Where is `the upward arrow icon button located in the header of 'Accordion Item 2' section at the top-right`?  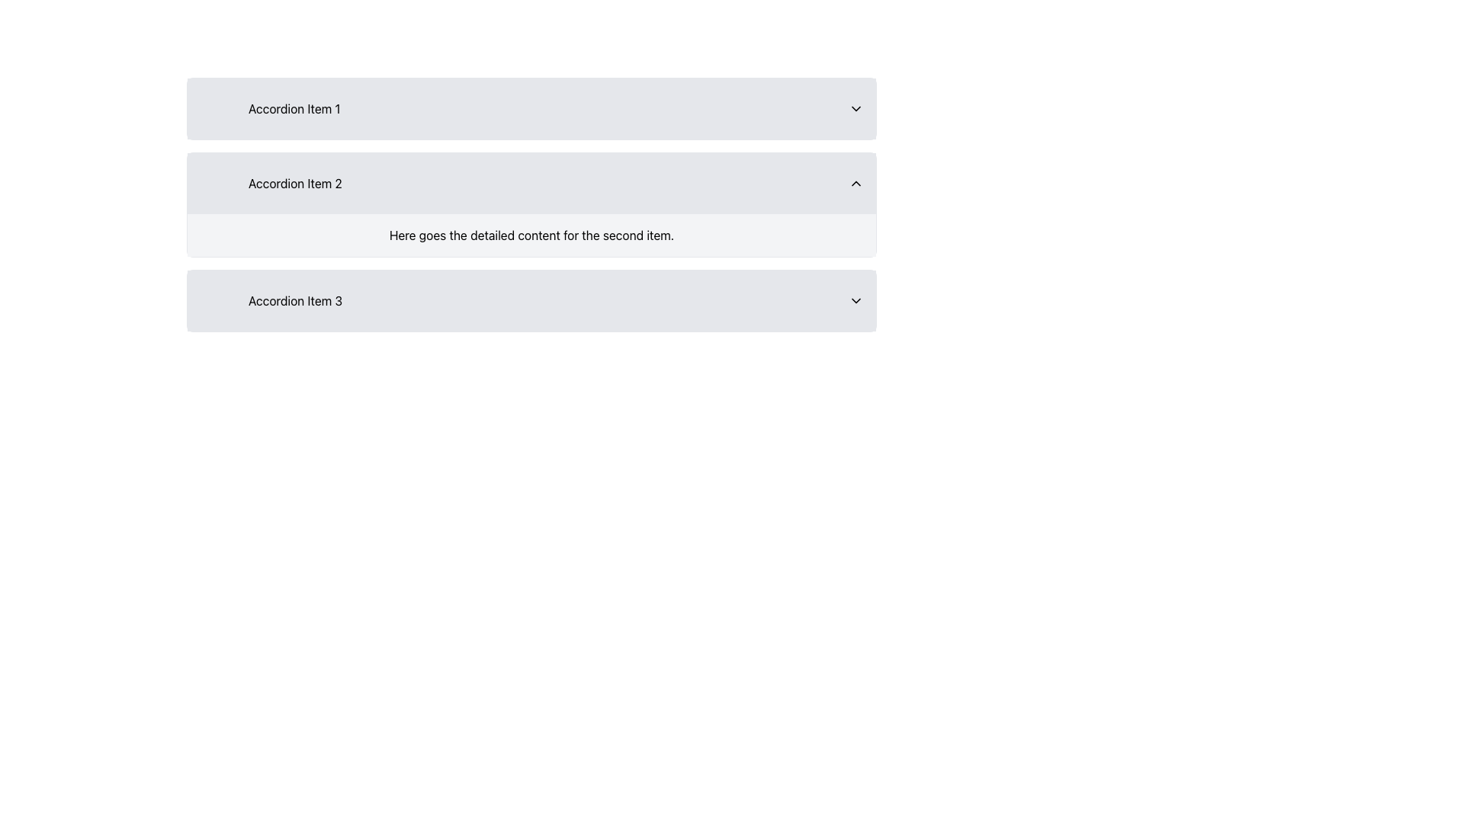 the upward arrow icon button located in the header of 'Accordion Item 2' section at the top-right is located at coordinates (856, 182).